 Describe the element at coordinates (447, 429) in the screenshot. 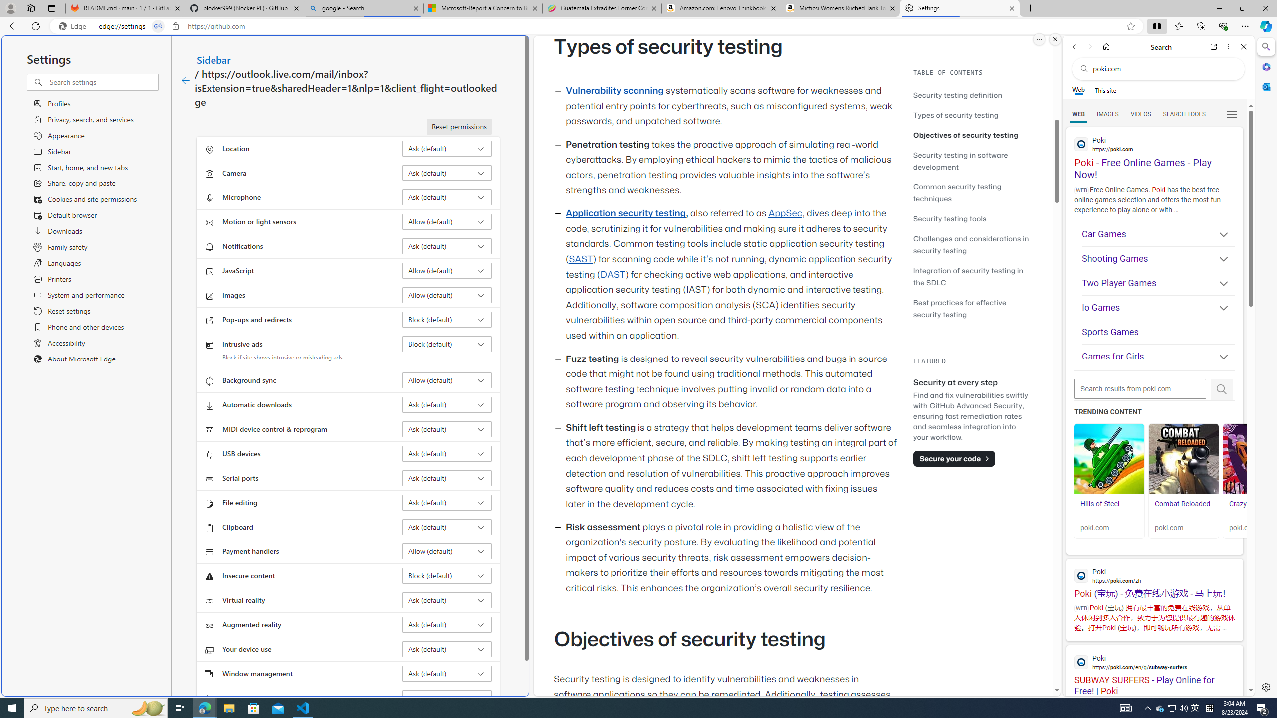

I see `'MIDI device control & reprogram Ask (default)'` at that location.